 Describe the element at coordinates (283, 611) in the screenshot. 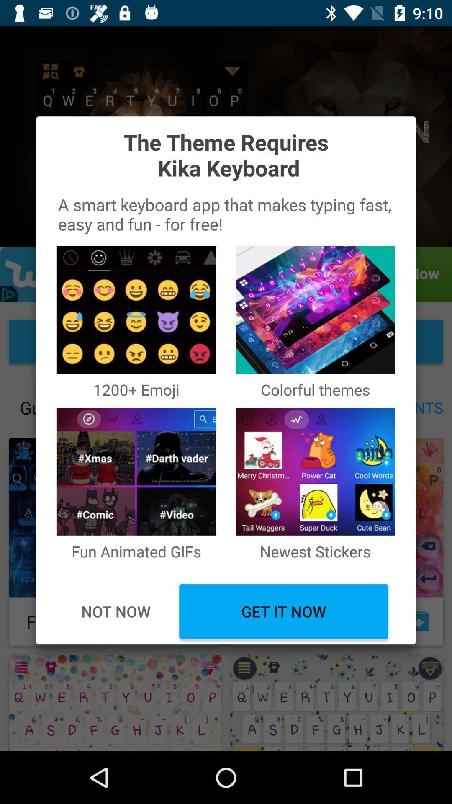

I see `icon next to the not now item` at that location.